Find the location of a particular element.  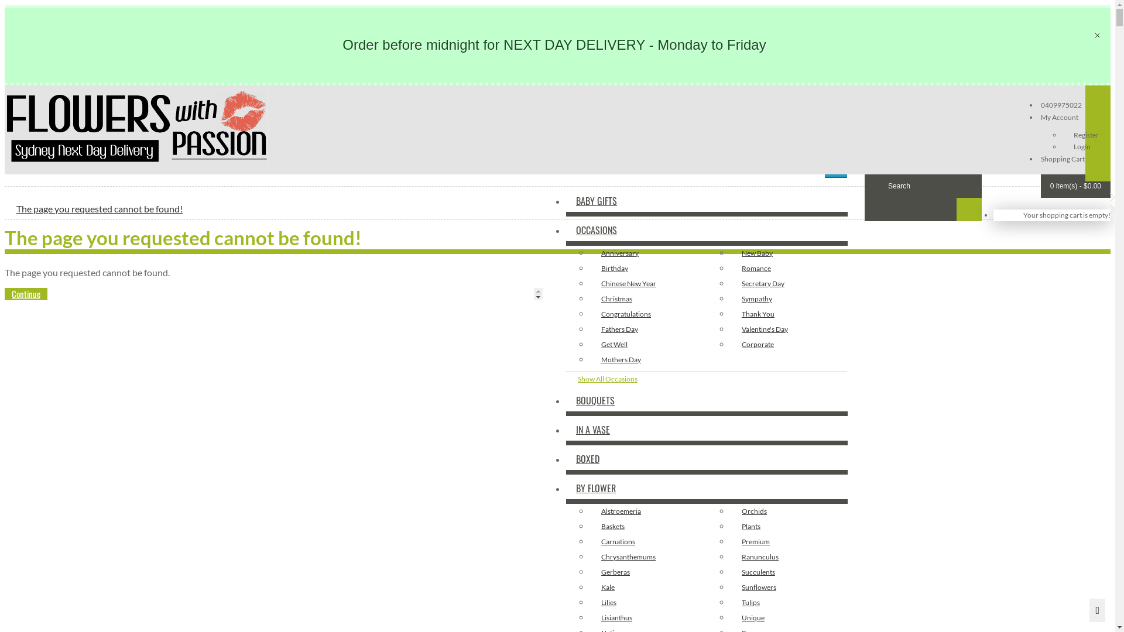

'Romance' is located at coordinates (789, 269).